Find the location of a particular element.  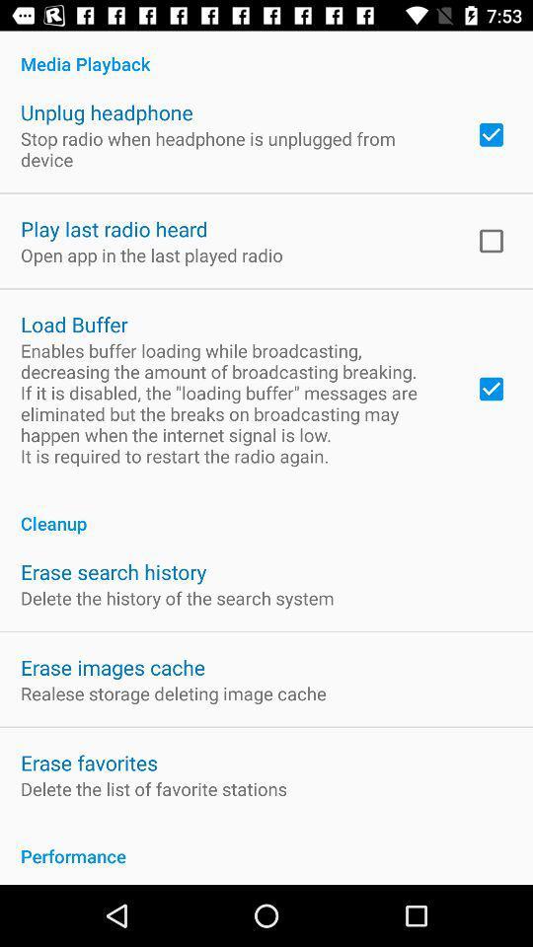

item above unplug headphone app is located at coordinates (266, 52).